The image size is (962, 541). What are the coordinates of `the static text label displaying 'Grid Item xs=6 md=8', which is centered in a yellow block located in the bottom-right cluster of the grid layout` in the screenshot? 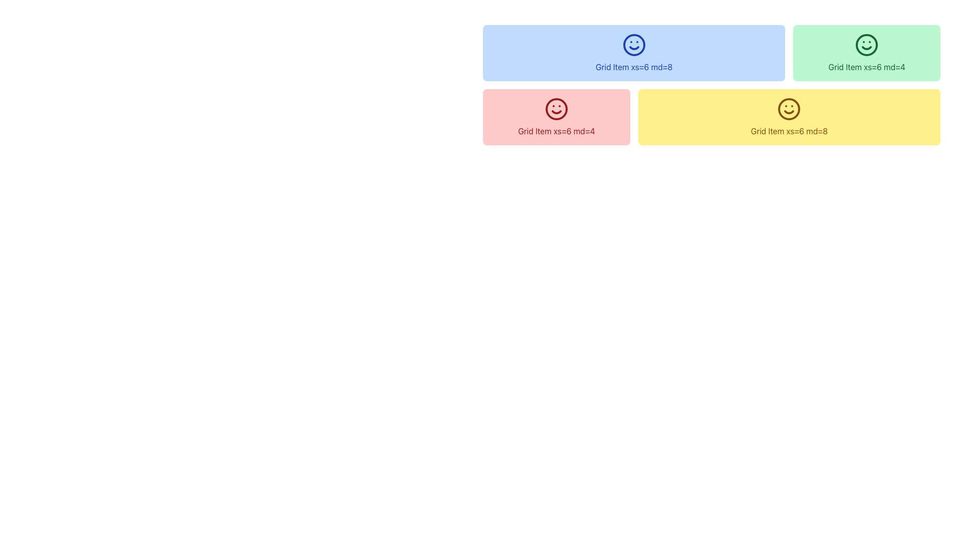 It's located at (789, 131).